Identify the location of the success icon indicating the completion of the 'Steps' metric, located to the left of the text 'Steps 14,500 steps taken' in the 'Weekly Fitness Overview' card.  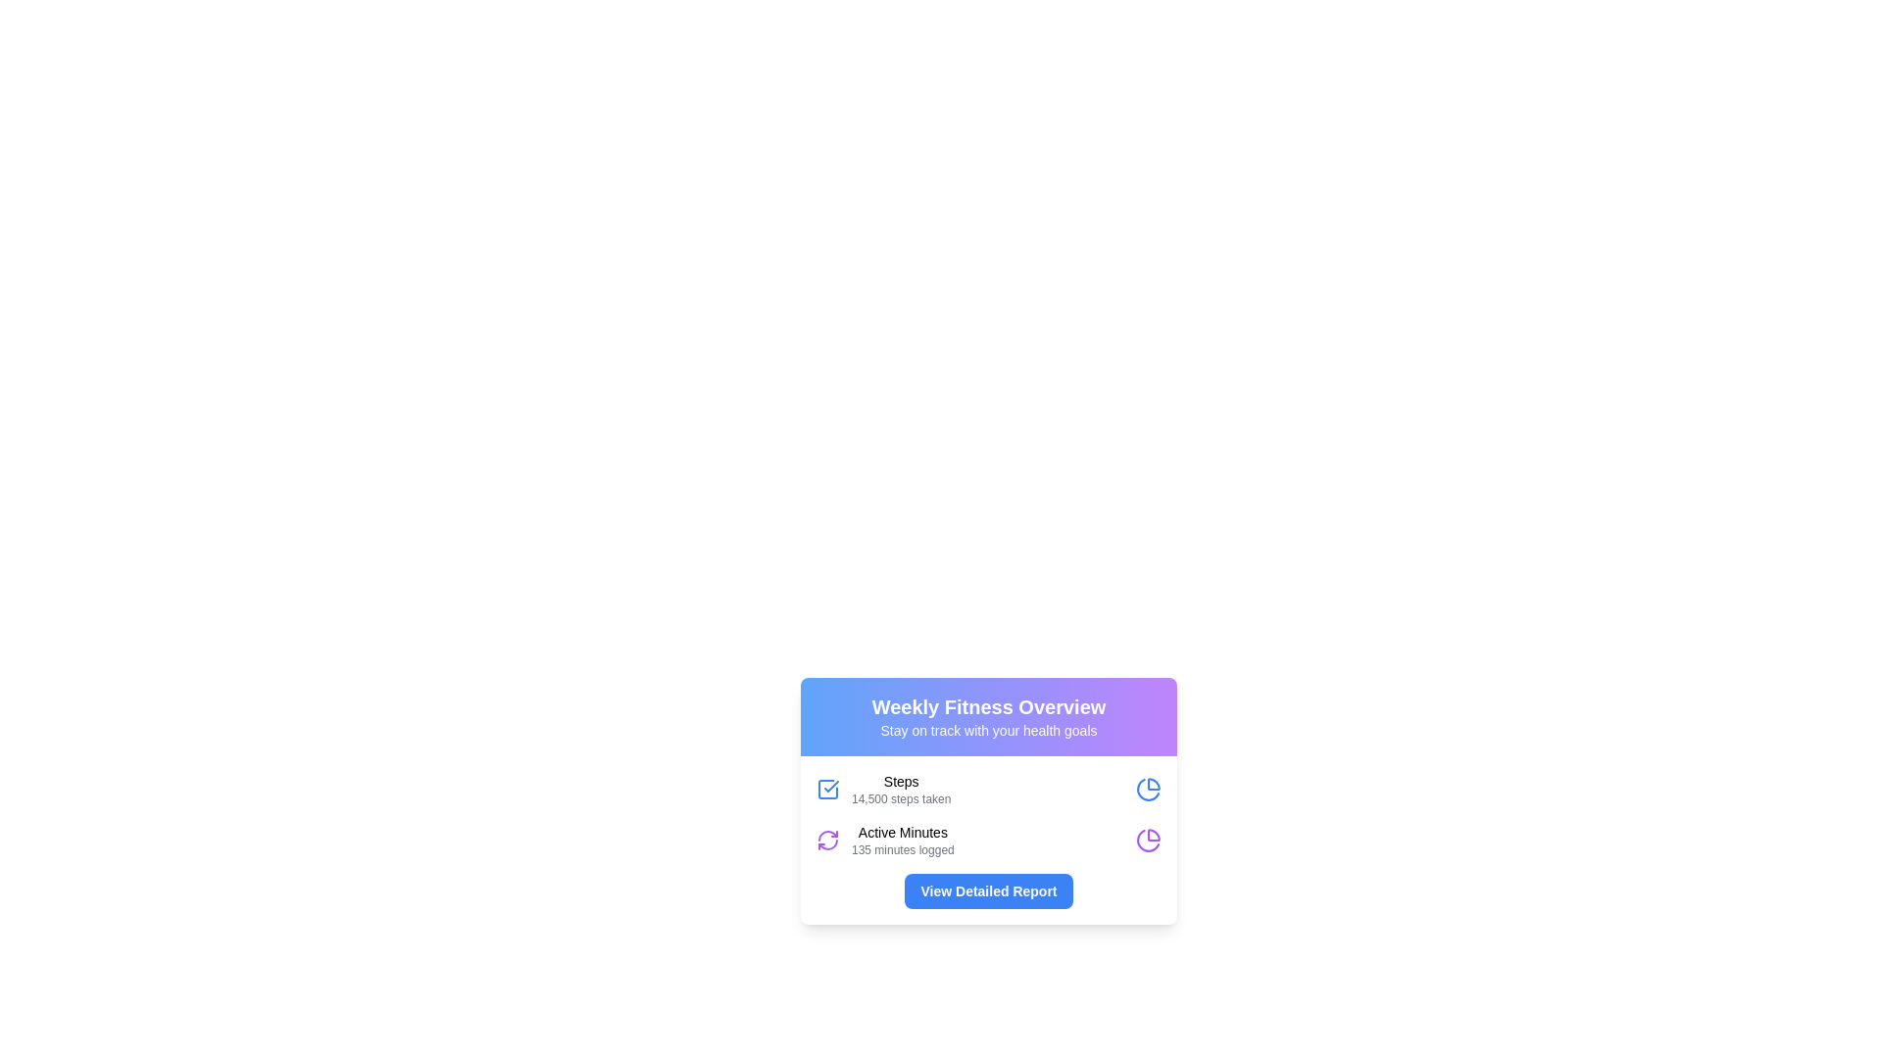
(827, 789).